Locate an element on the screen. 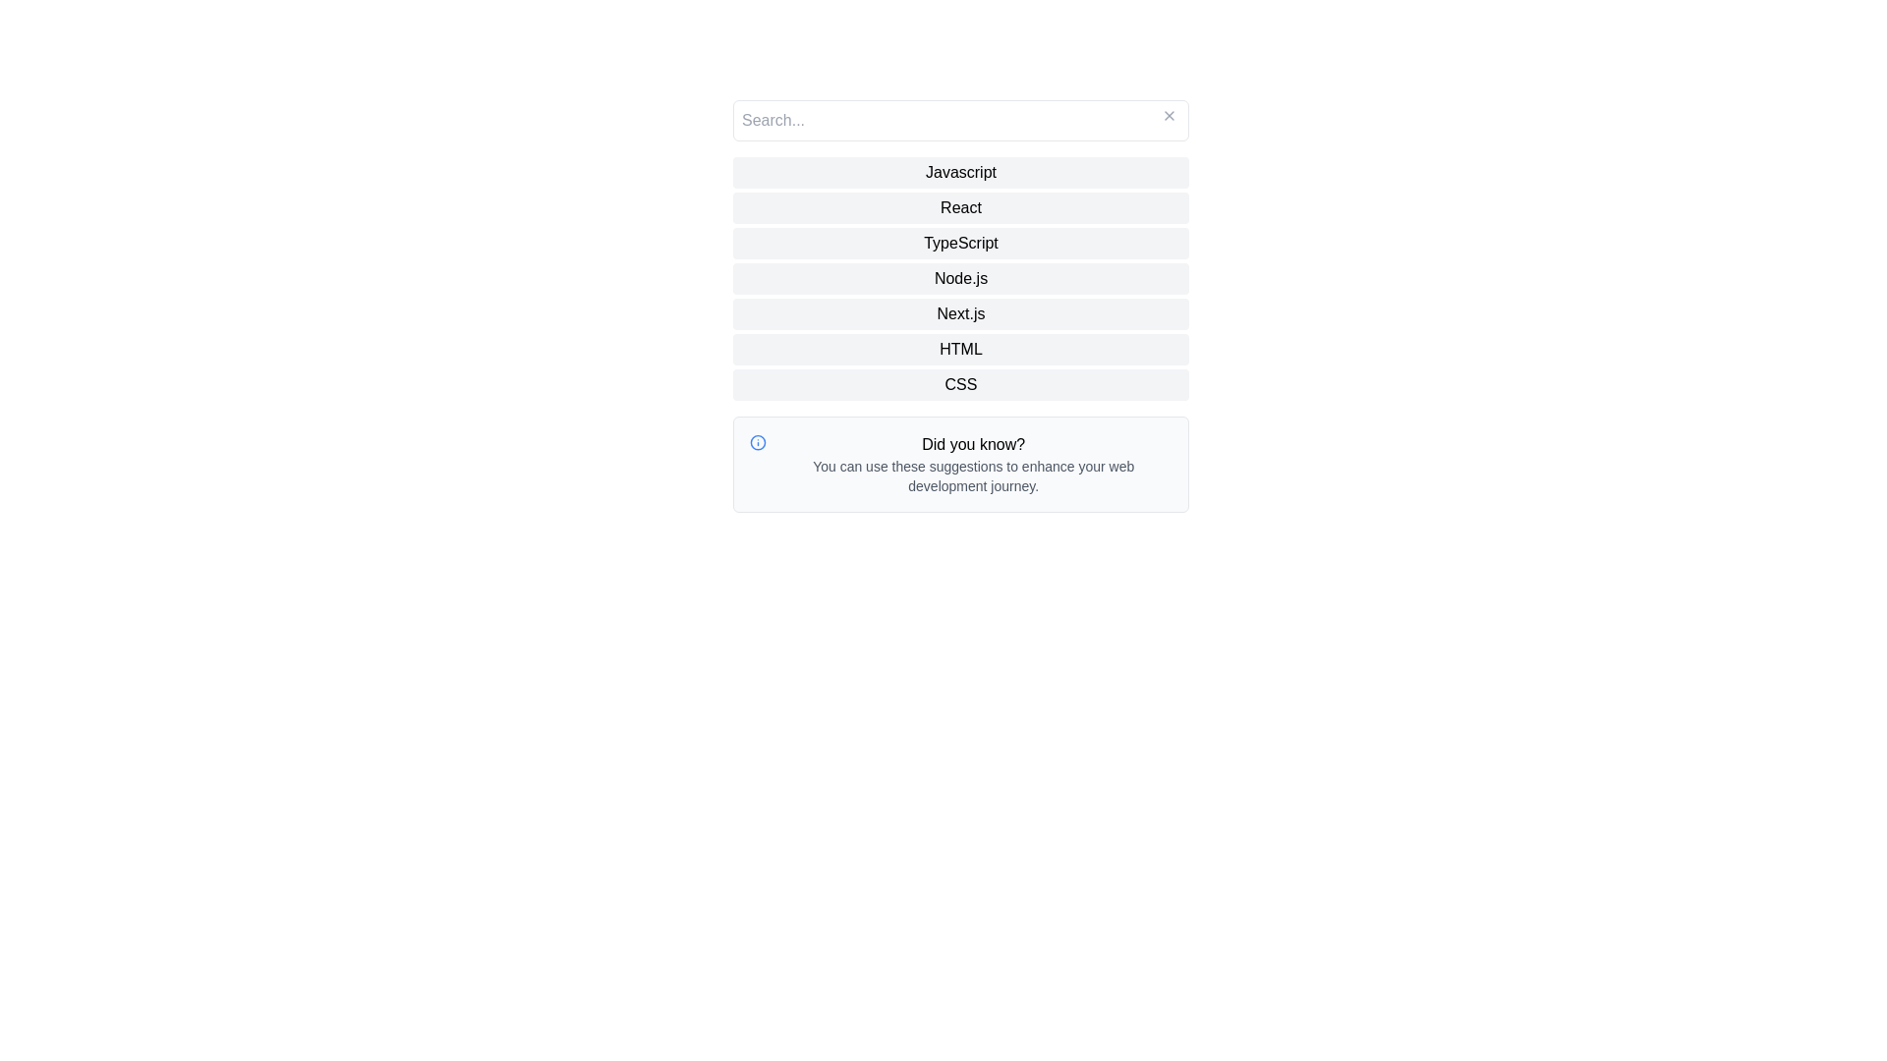 Image resolution: width=1887 pixels, height=1061 pixels. the supplementary informational text located directly below the 'Did you know?' header in the content block at the center of the interface is located at coordinates (973, 476).